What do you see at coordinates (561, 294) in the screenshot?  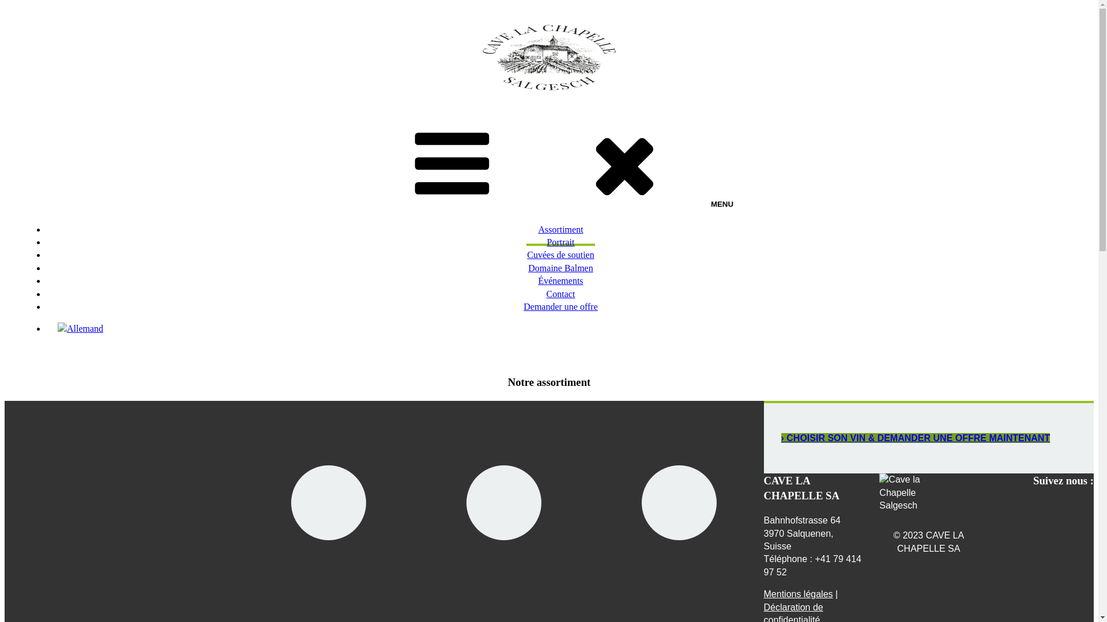 I see `'Contact'` at bounding box center [561, 294].